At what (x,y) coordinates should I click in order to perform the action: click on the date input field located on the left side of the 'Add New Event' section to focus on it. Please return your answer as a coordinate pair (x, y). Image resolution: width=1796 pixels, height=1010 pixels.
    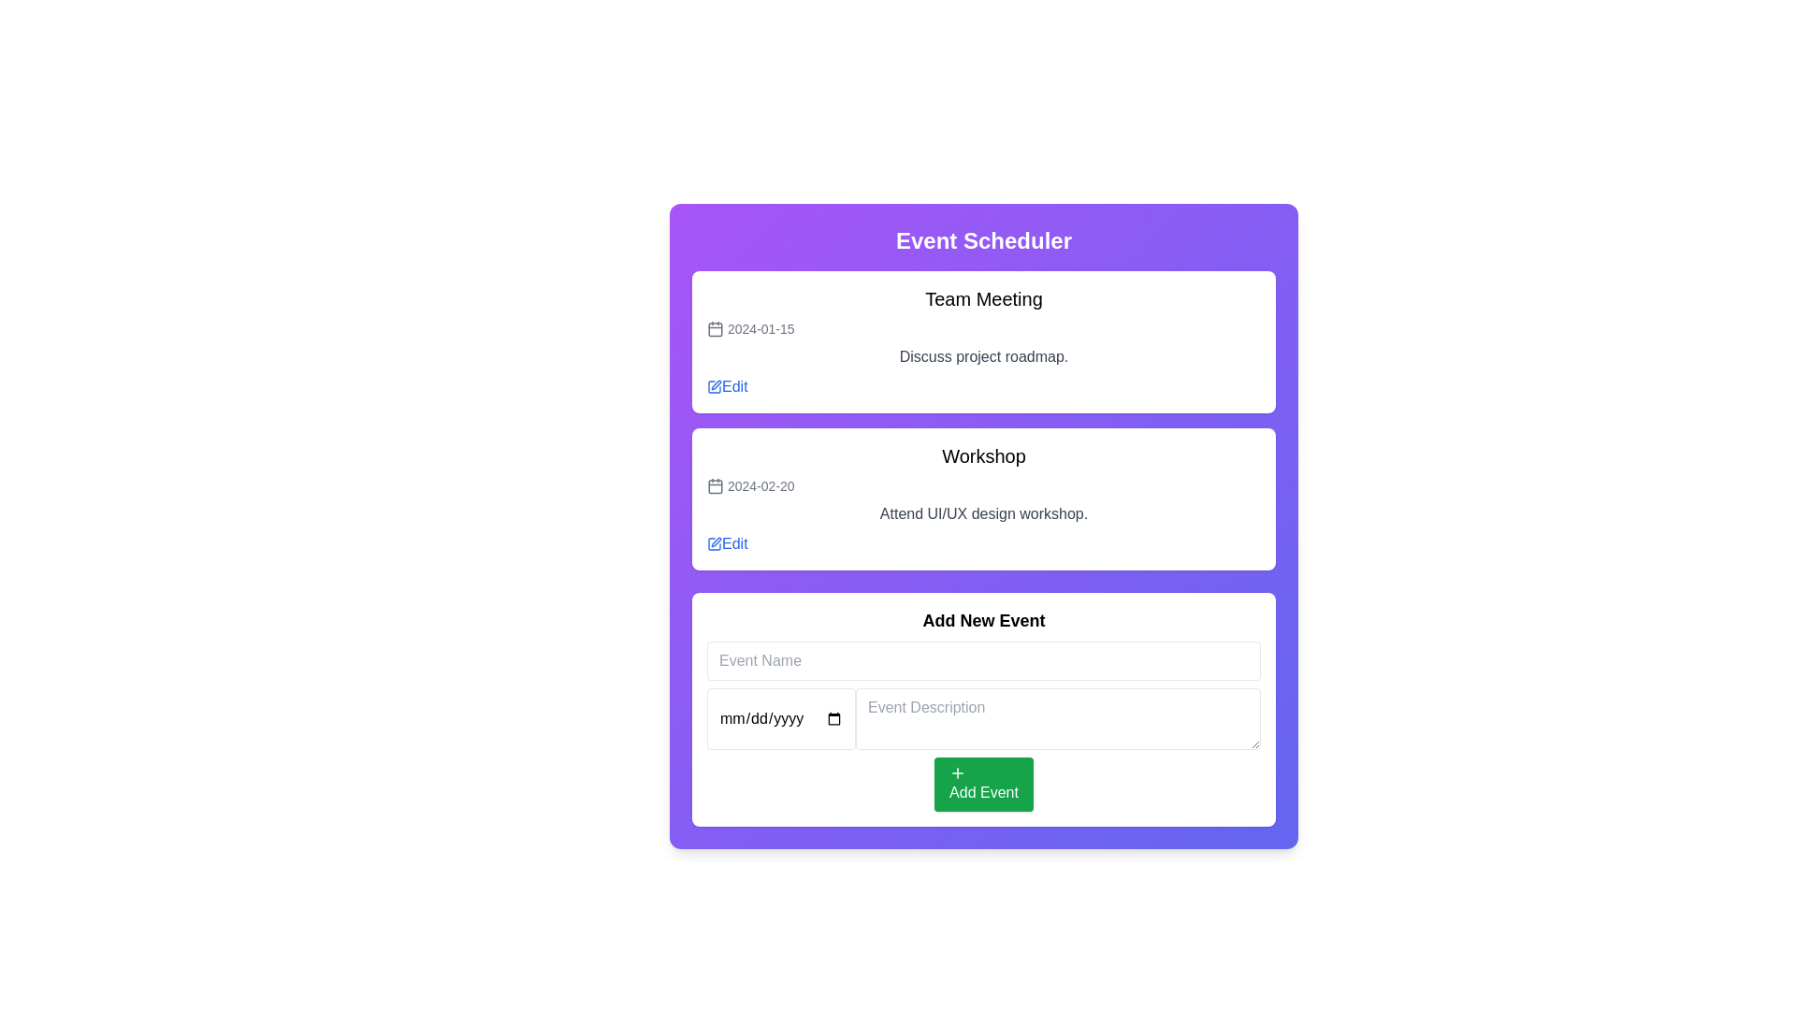
    Looking at the image, I should click on (781, 717).